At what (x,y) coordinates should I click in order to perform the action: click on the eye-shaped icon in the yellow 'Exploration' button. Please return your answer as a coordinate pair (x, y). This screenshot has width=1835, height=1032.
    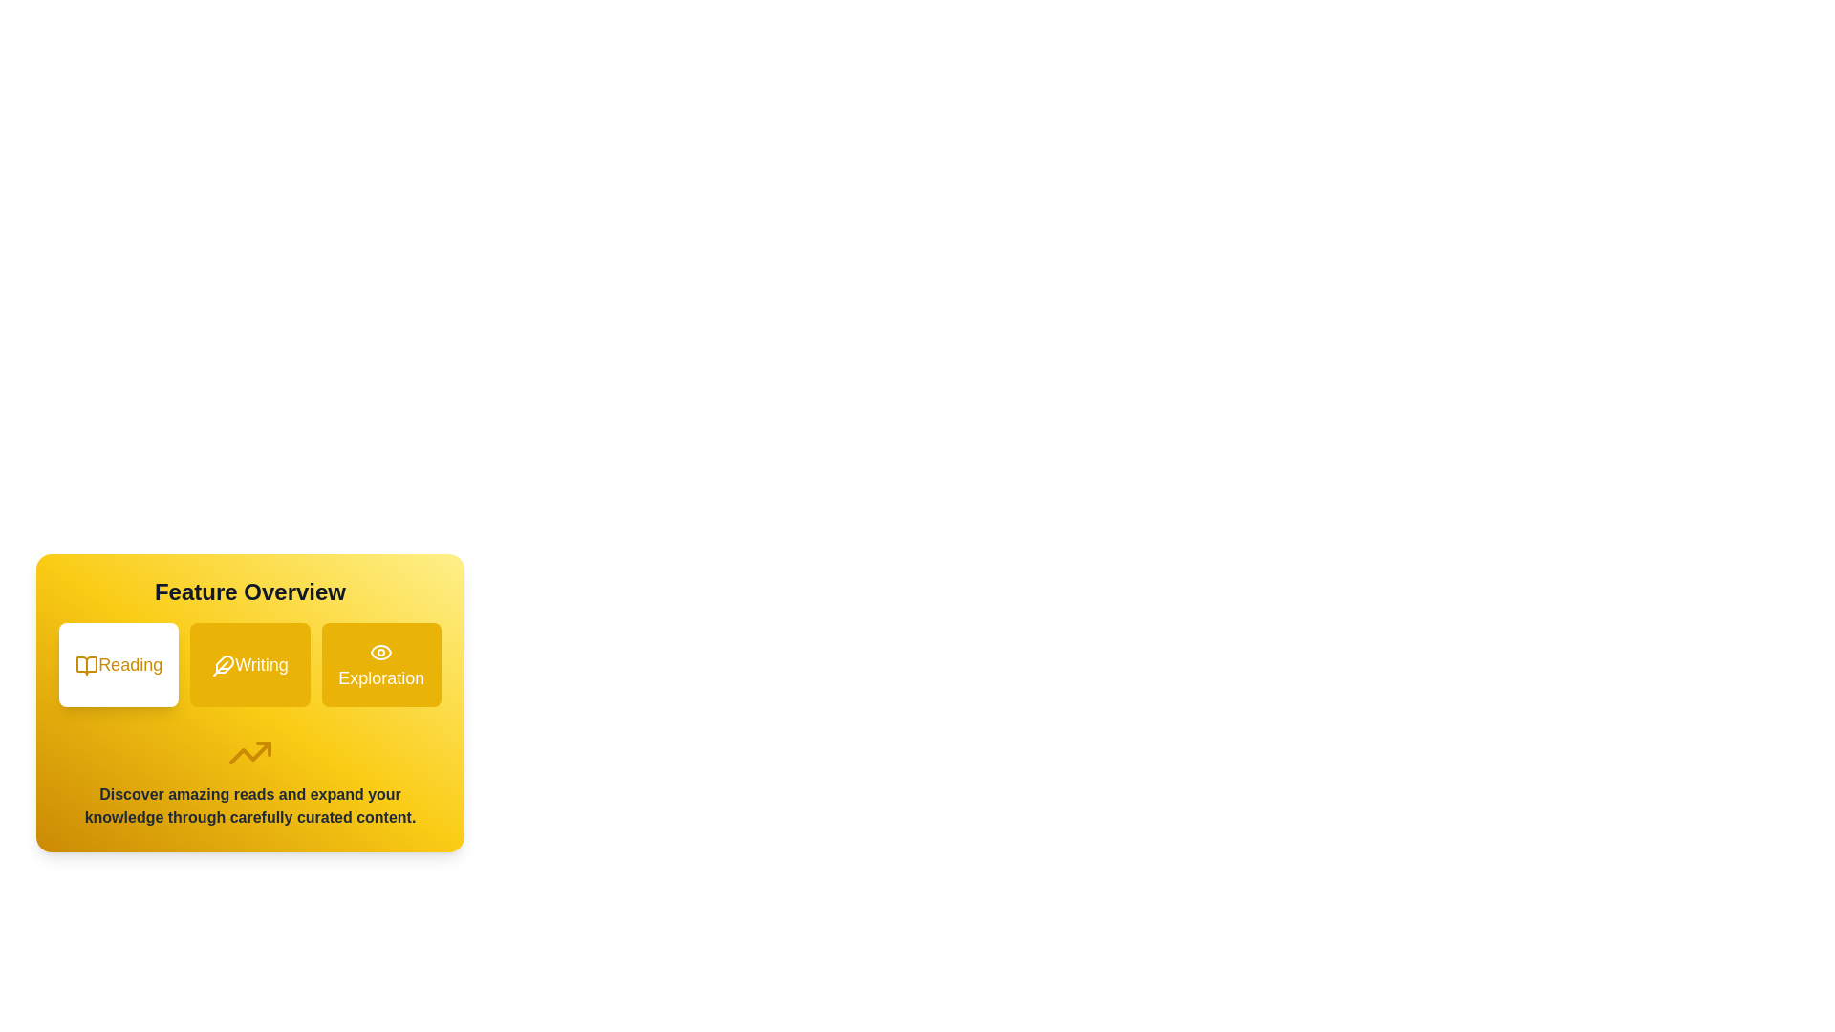
    Looking at the image, I should click on (381, 652).